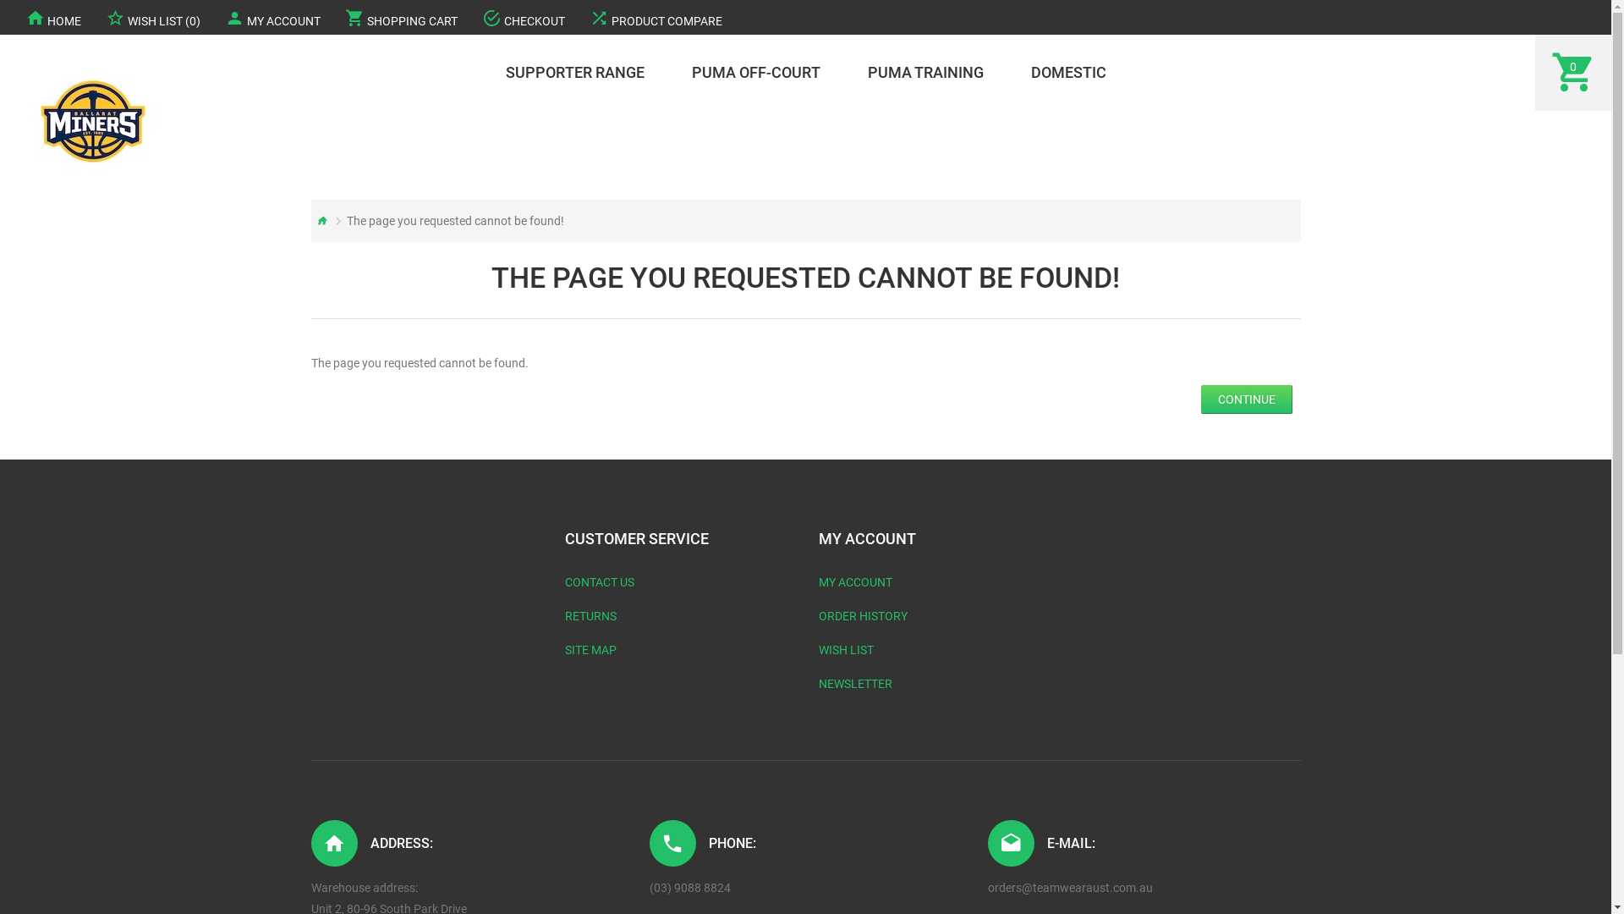  I want to click on 'SITE MAP', so click(590, 648).